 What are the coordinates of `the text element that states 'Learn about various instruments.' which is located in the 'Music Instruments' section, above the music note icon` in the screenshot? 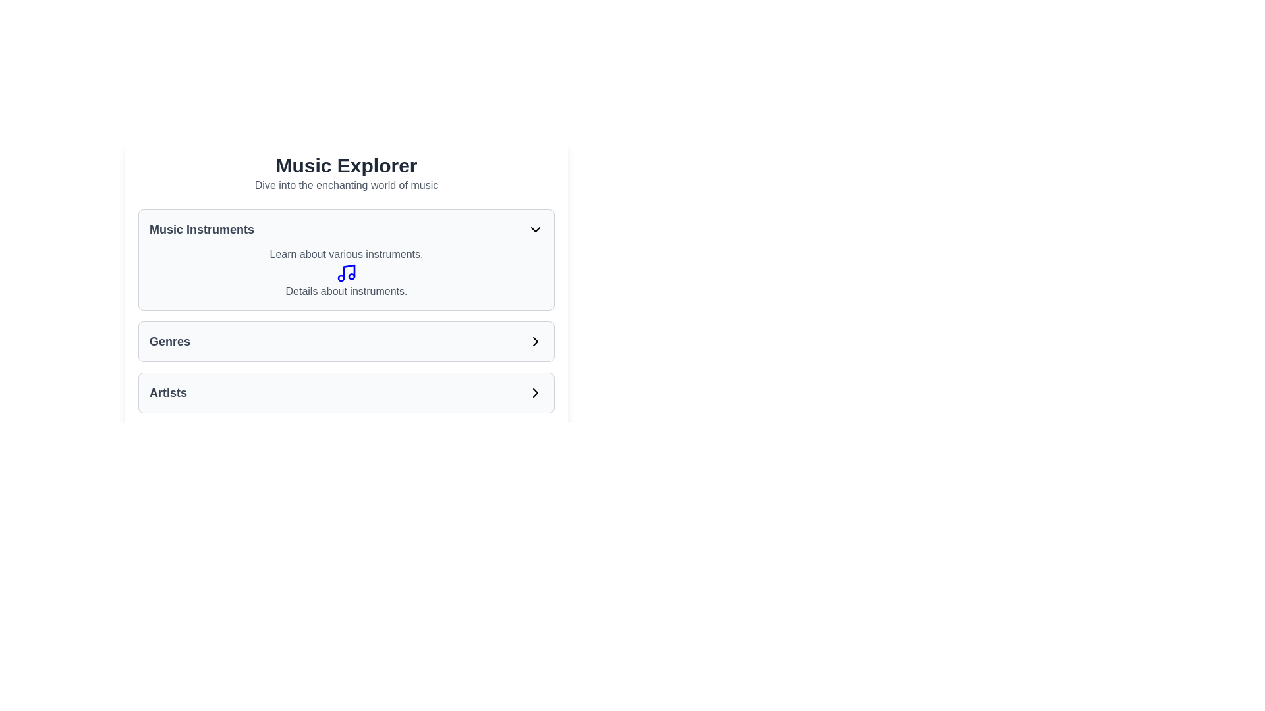 It's located at (347, 254).